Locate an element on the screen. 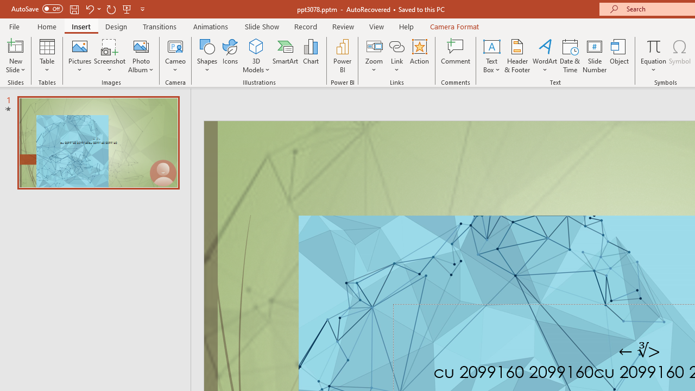 The image size is (695, 391). 'Comment' is located at coordinates (456, 56).